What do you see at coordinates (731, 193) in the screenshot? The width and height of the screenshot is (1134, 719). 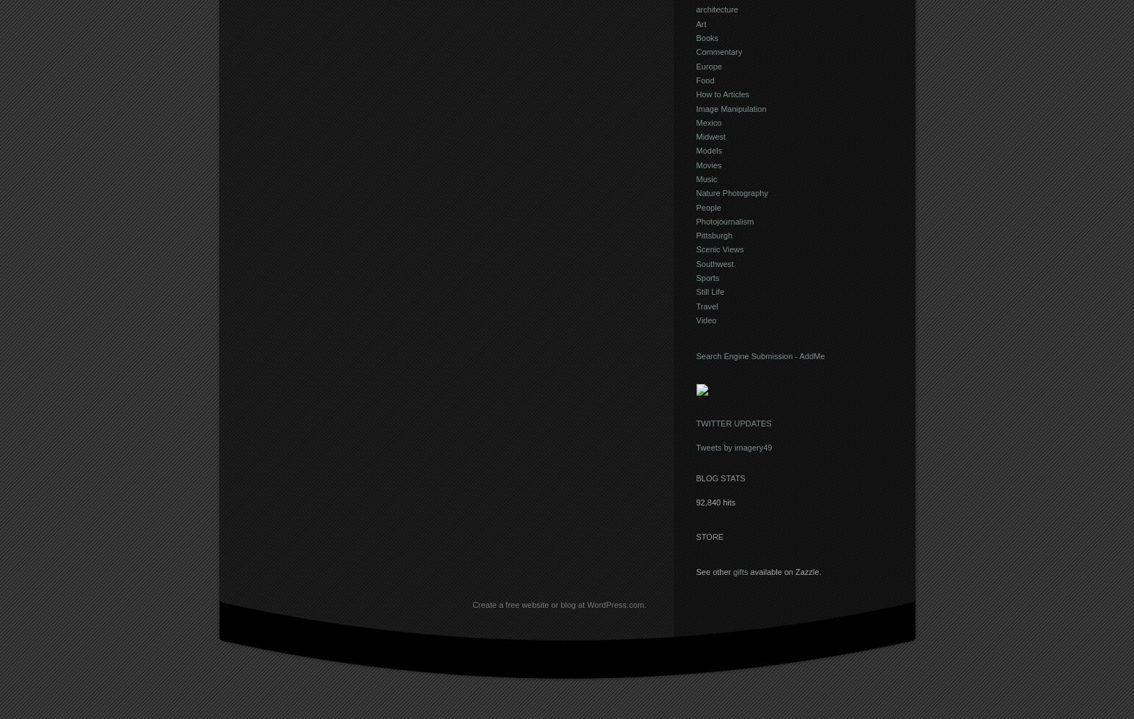 I see `'Nature Photography'` at bounding box center [731, 193].